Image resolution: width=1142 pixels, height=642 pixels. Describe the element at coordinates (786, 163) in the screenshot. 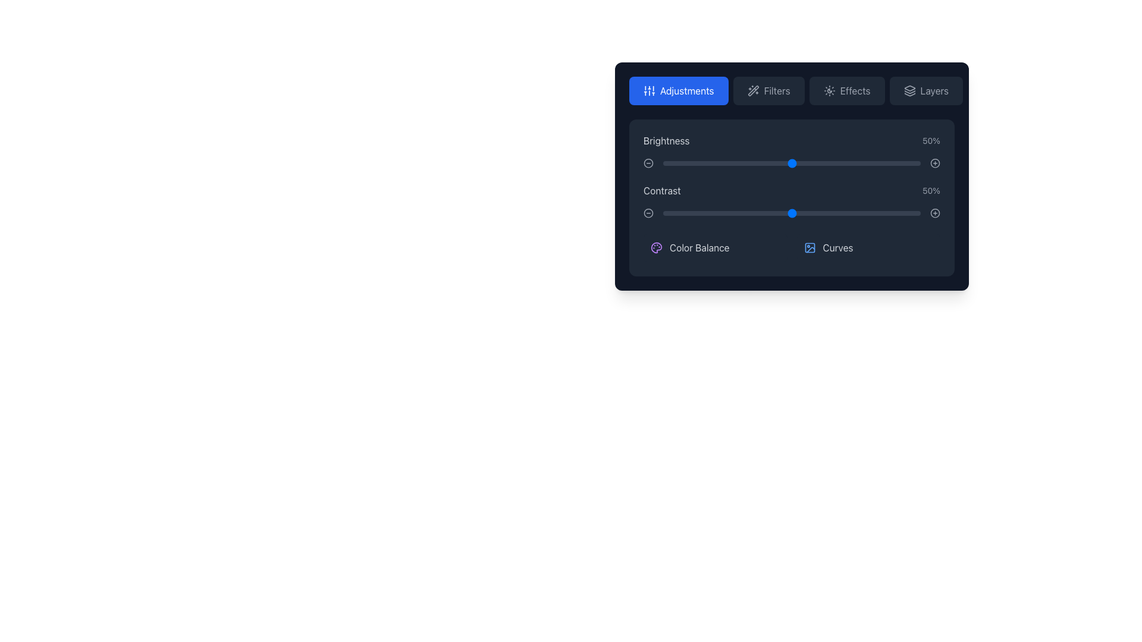

I see `the brightness value` at that location.